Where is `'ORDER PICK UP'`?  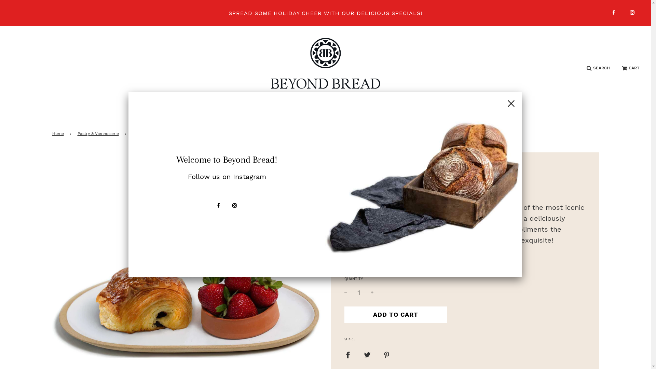
'ORDER PICK UP' is located at coordinates (170, 113).